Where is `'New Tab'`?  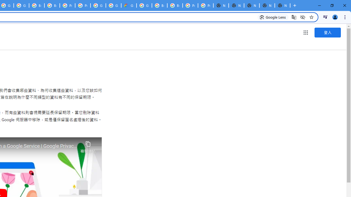 'New Tab' is located at coordinates (295, 5).